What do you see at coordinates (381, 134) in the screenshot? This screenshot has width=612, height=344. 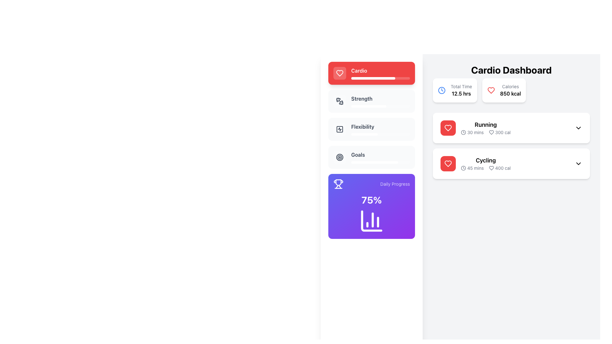 I see `the progress state of the Horizontal Progress Bar located below the 'Flexibility' heading in the sidebar section` at bounding box center [381, 134].